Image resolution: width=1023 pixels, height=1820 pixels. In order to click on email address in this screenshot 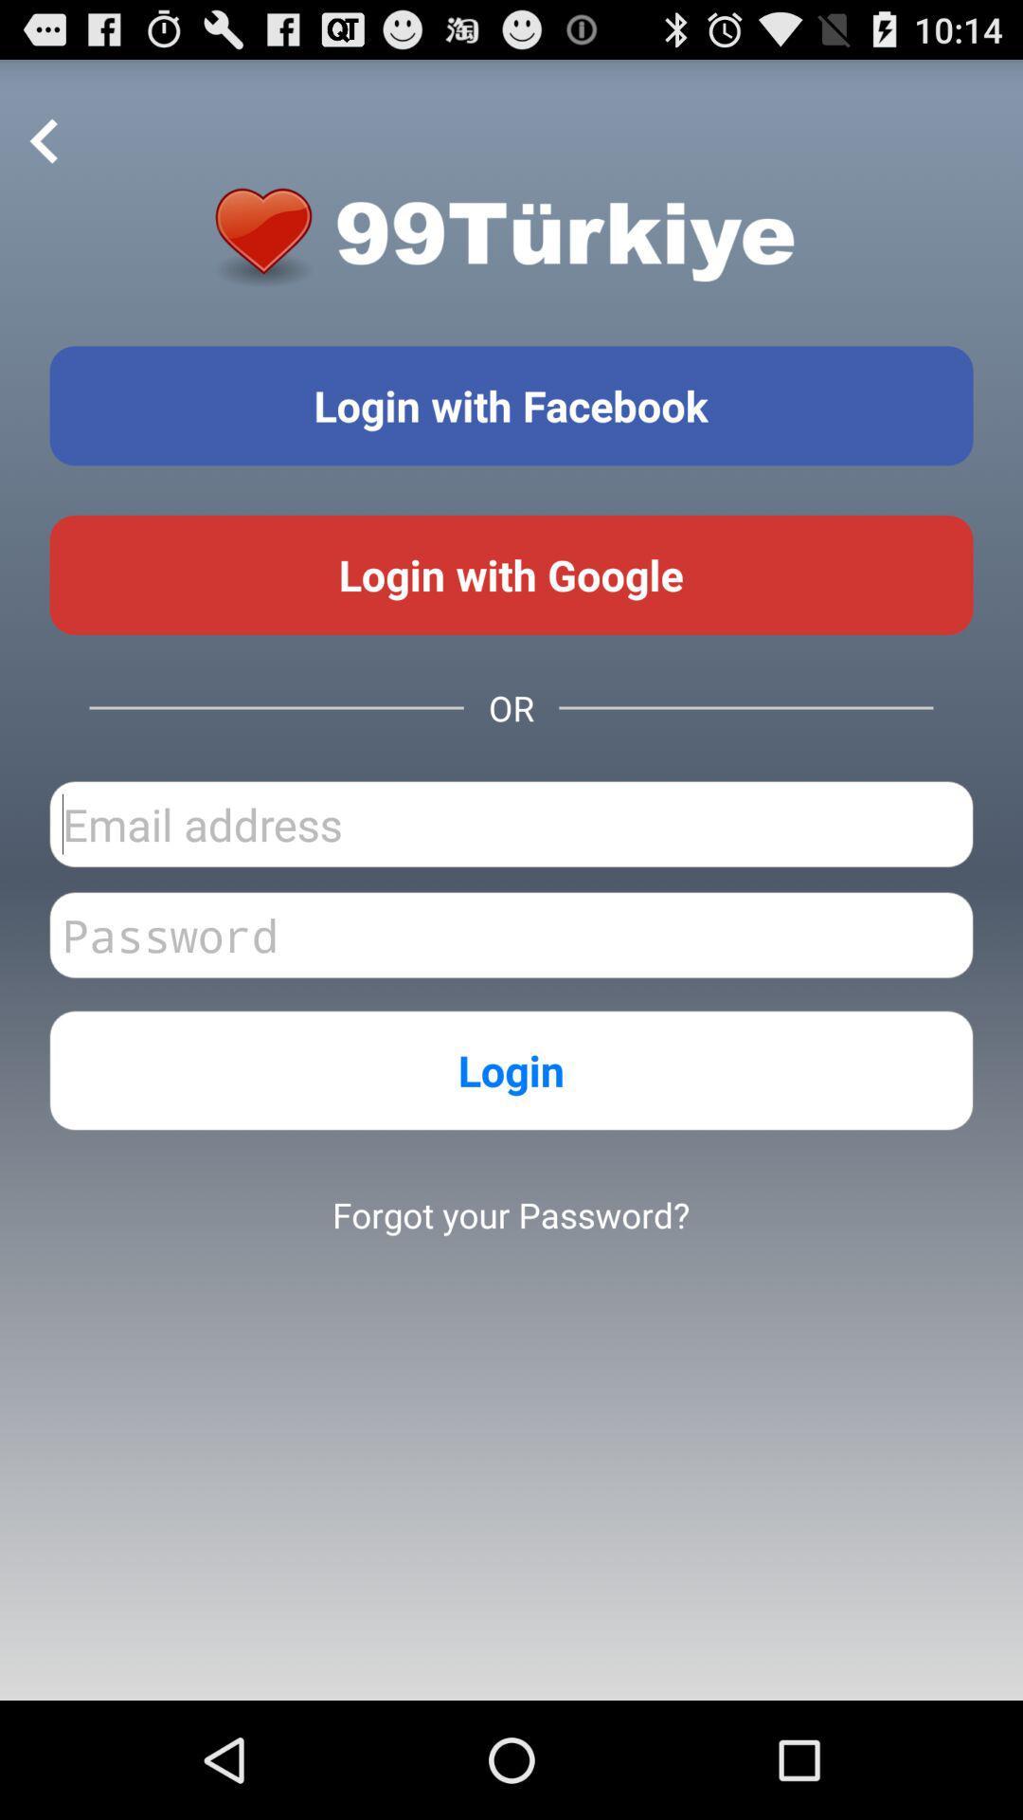, I will do `click(511, 824)`.